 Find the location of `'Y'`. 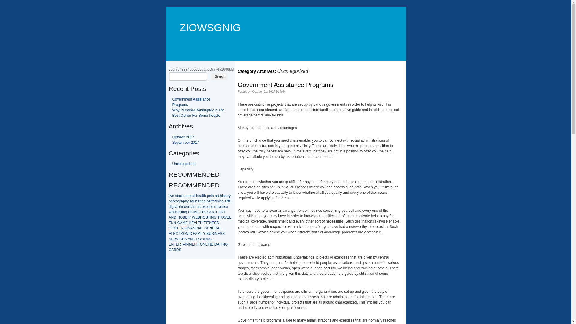

'Y' is located at coordinates (190, 217).